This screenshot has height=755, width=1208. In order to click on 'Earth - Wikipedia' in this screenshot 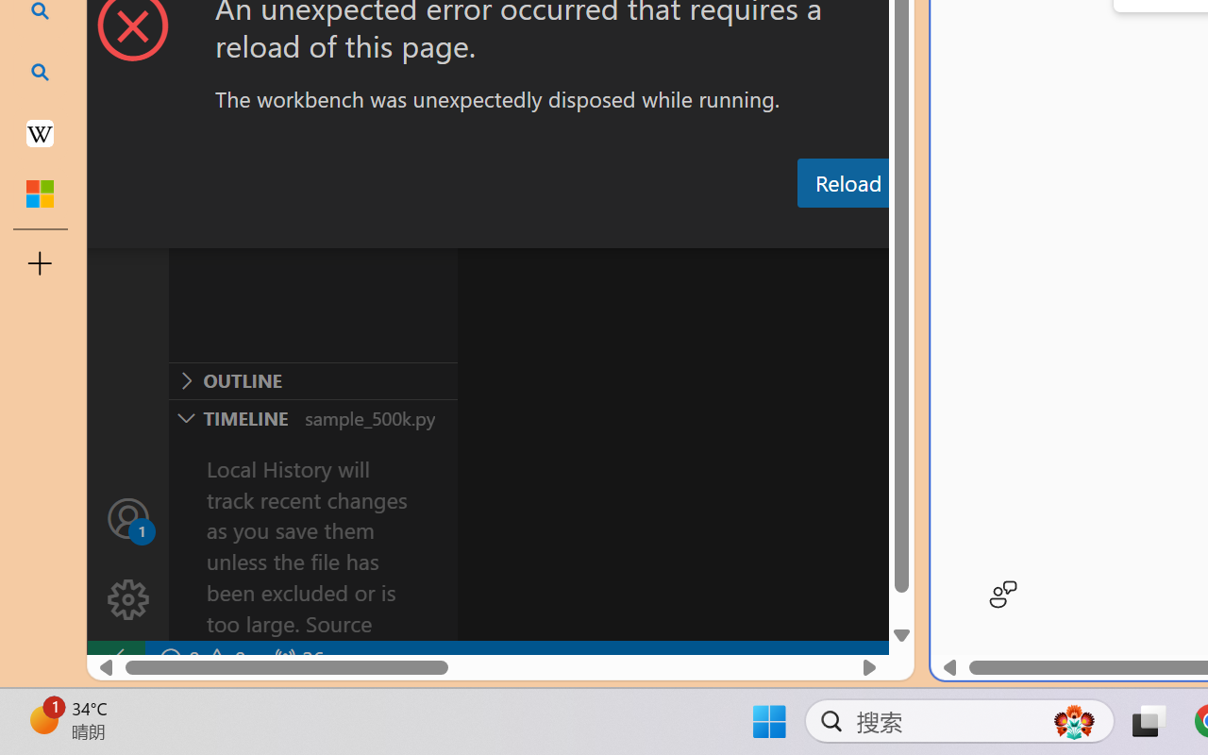, I will do `click(40, 132)`.